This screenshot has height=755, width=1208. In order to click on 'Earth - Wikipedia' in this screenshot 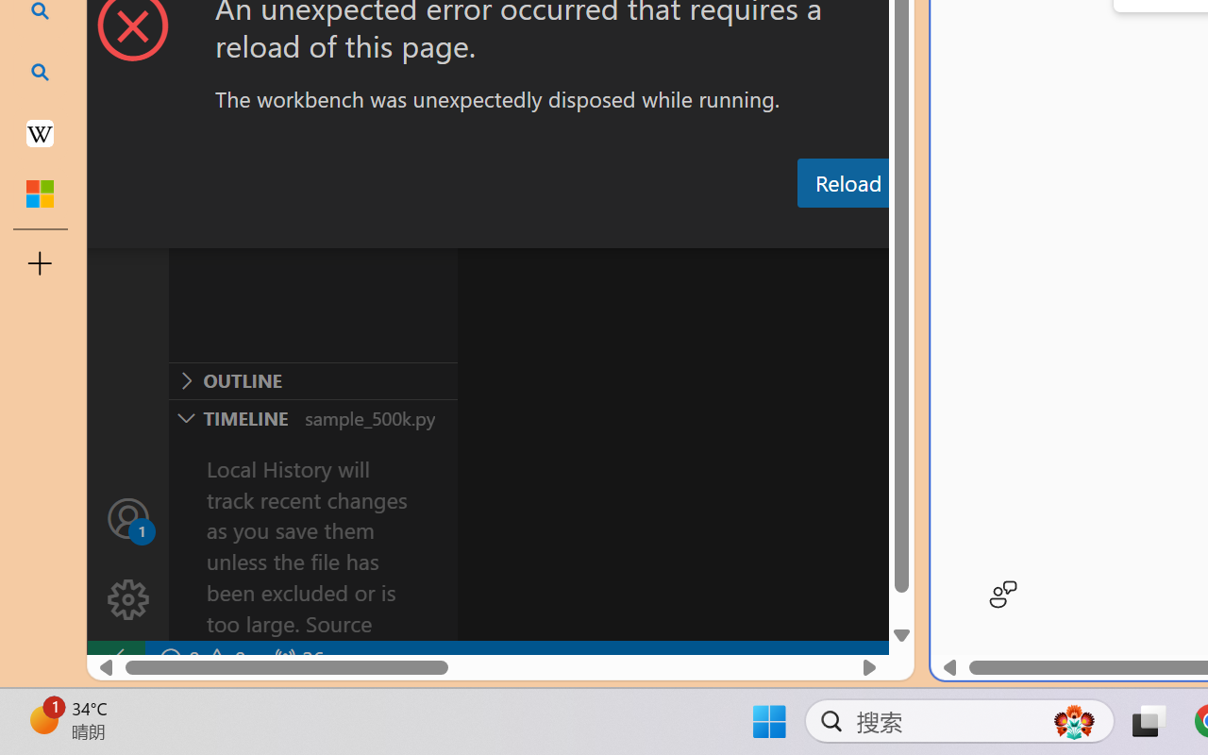, I will do `click(40, 132)`.